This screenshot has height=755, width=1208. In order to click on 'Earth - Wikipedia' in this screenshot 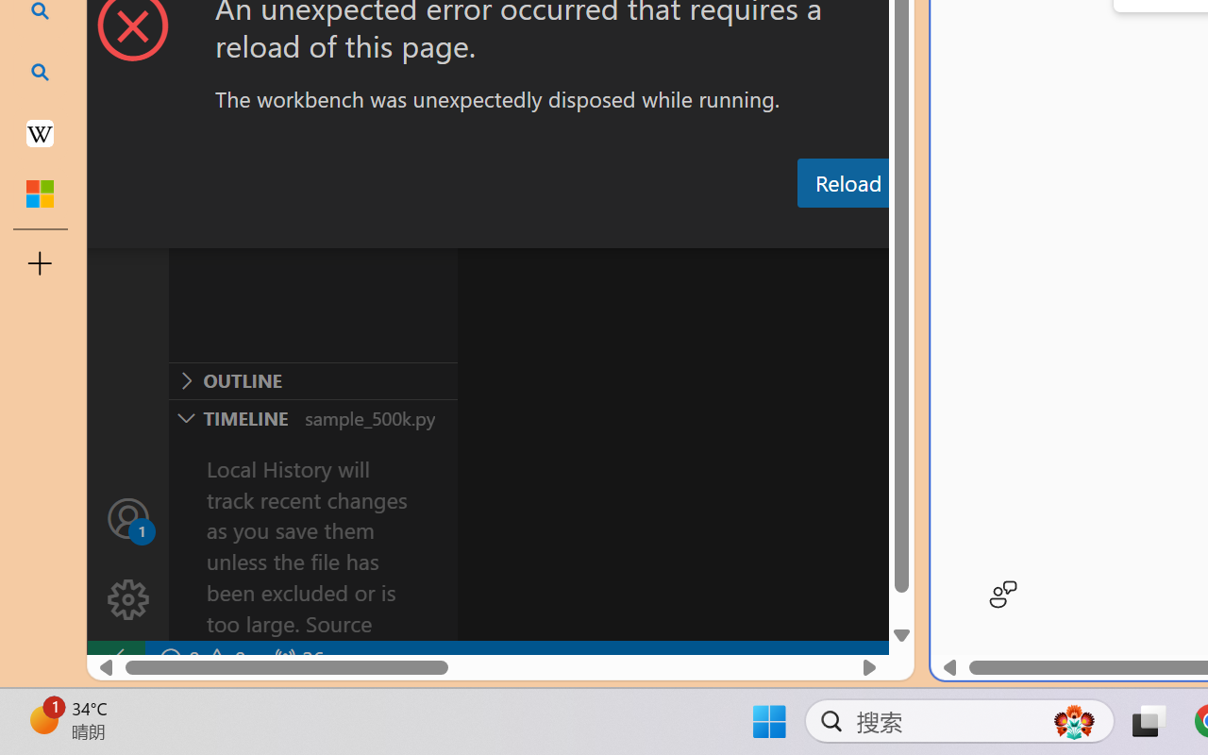, I will do `click(40, 132)`.